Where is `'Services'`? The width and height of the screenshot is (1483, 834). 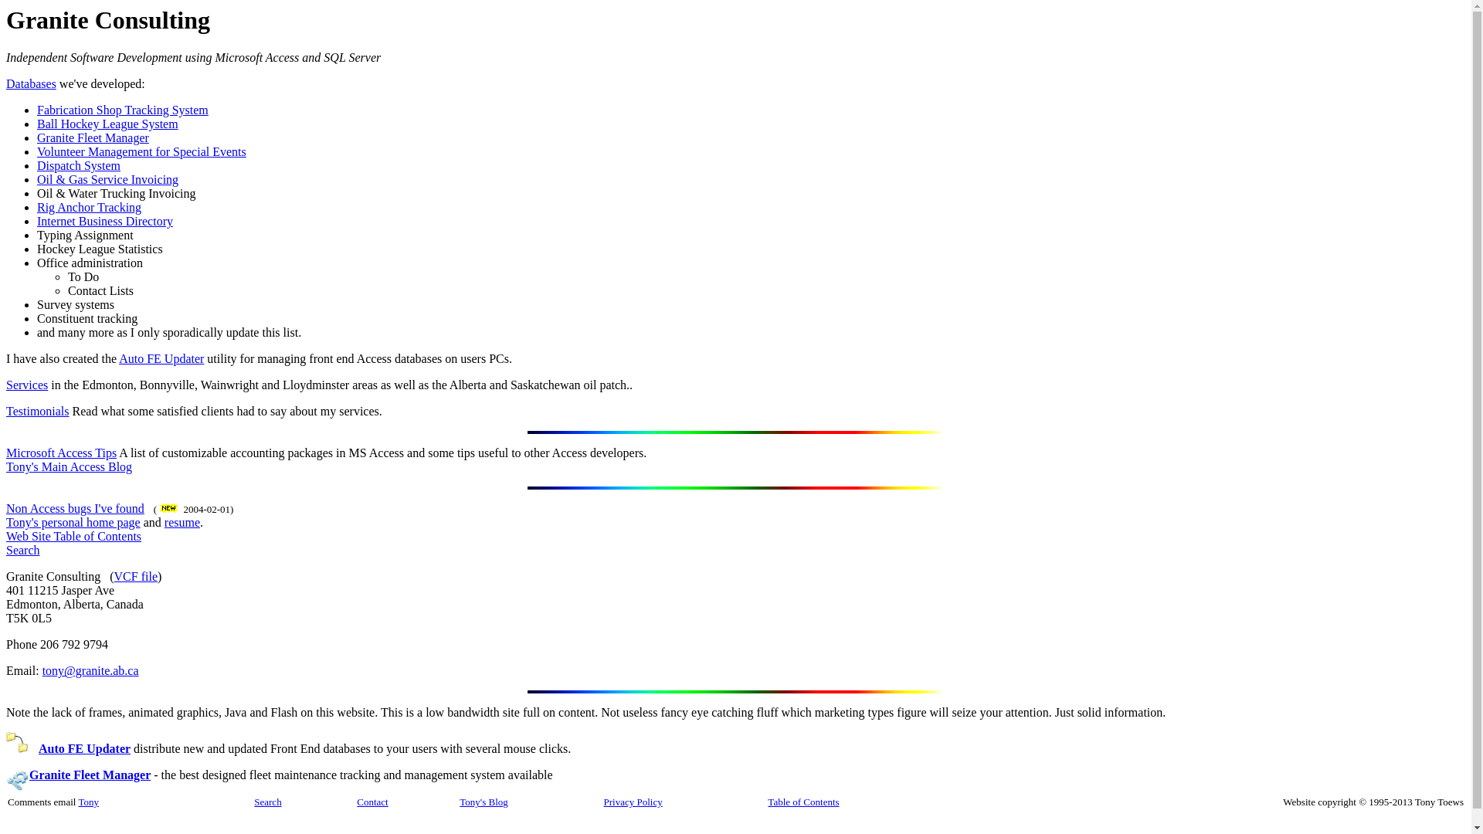
'Services' is located at coordinates (26, 384).